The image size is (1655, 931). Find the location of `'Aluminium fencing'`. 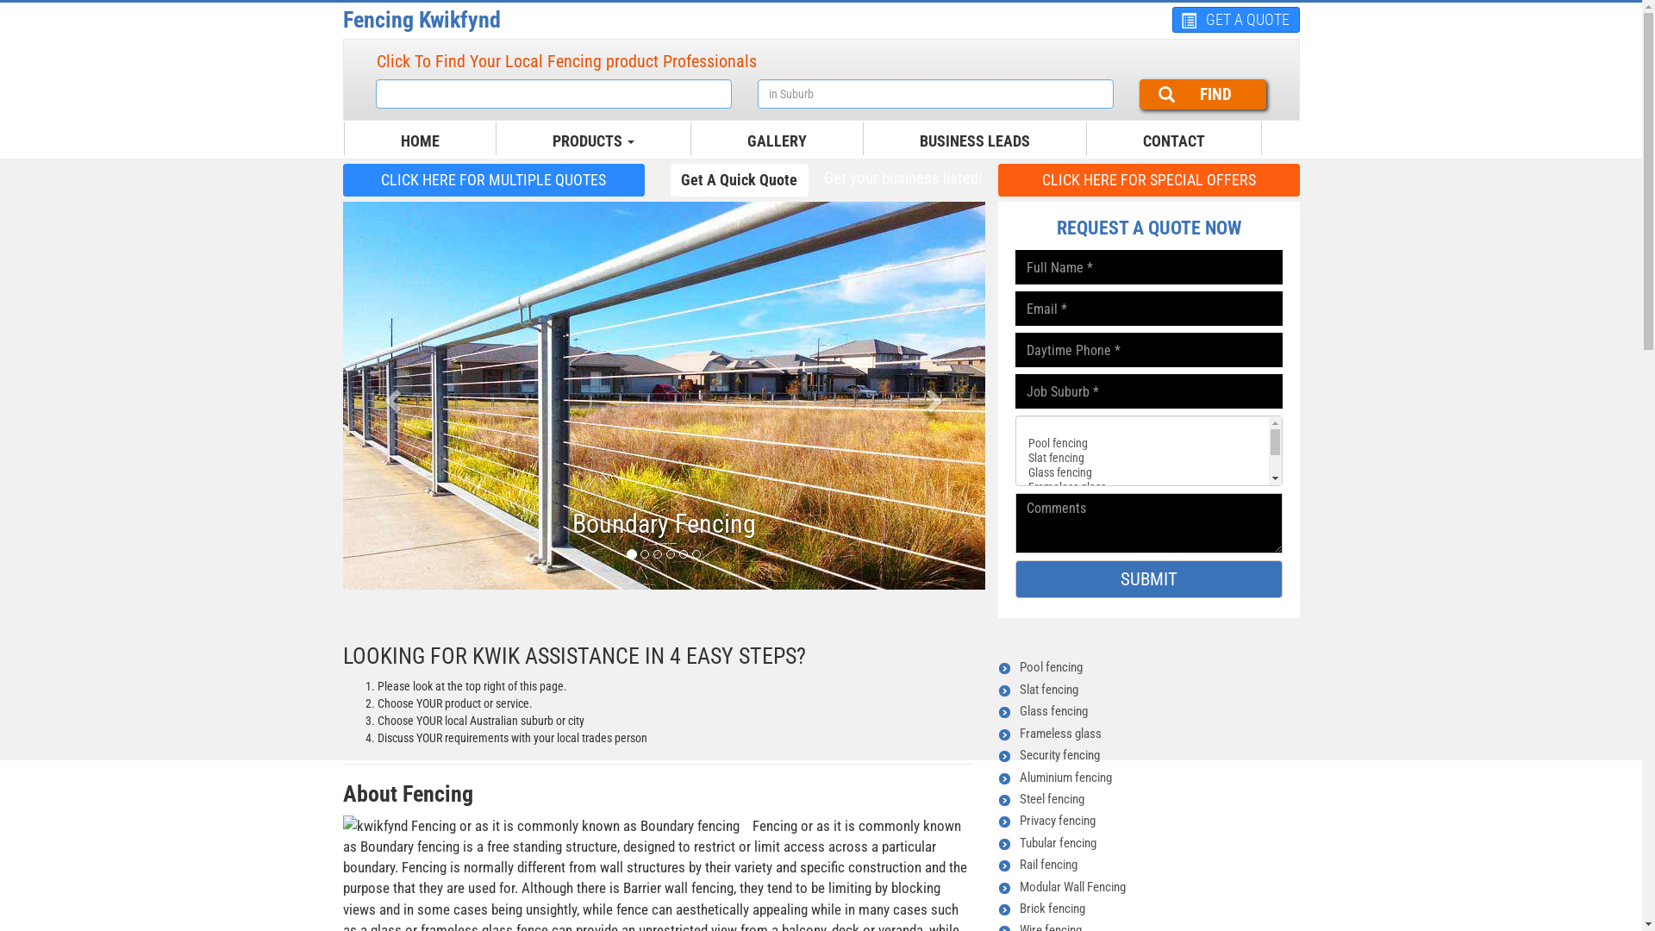

'Aluminium fencing' is located at coordinates (1064, 778).